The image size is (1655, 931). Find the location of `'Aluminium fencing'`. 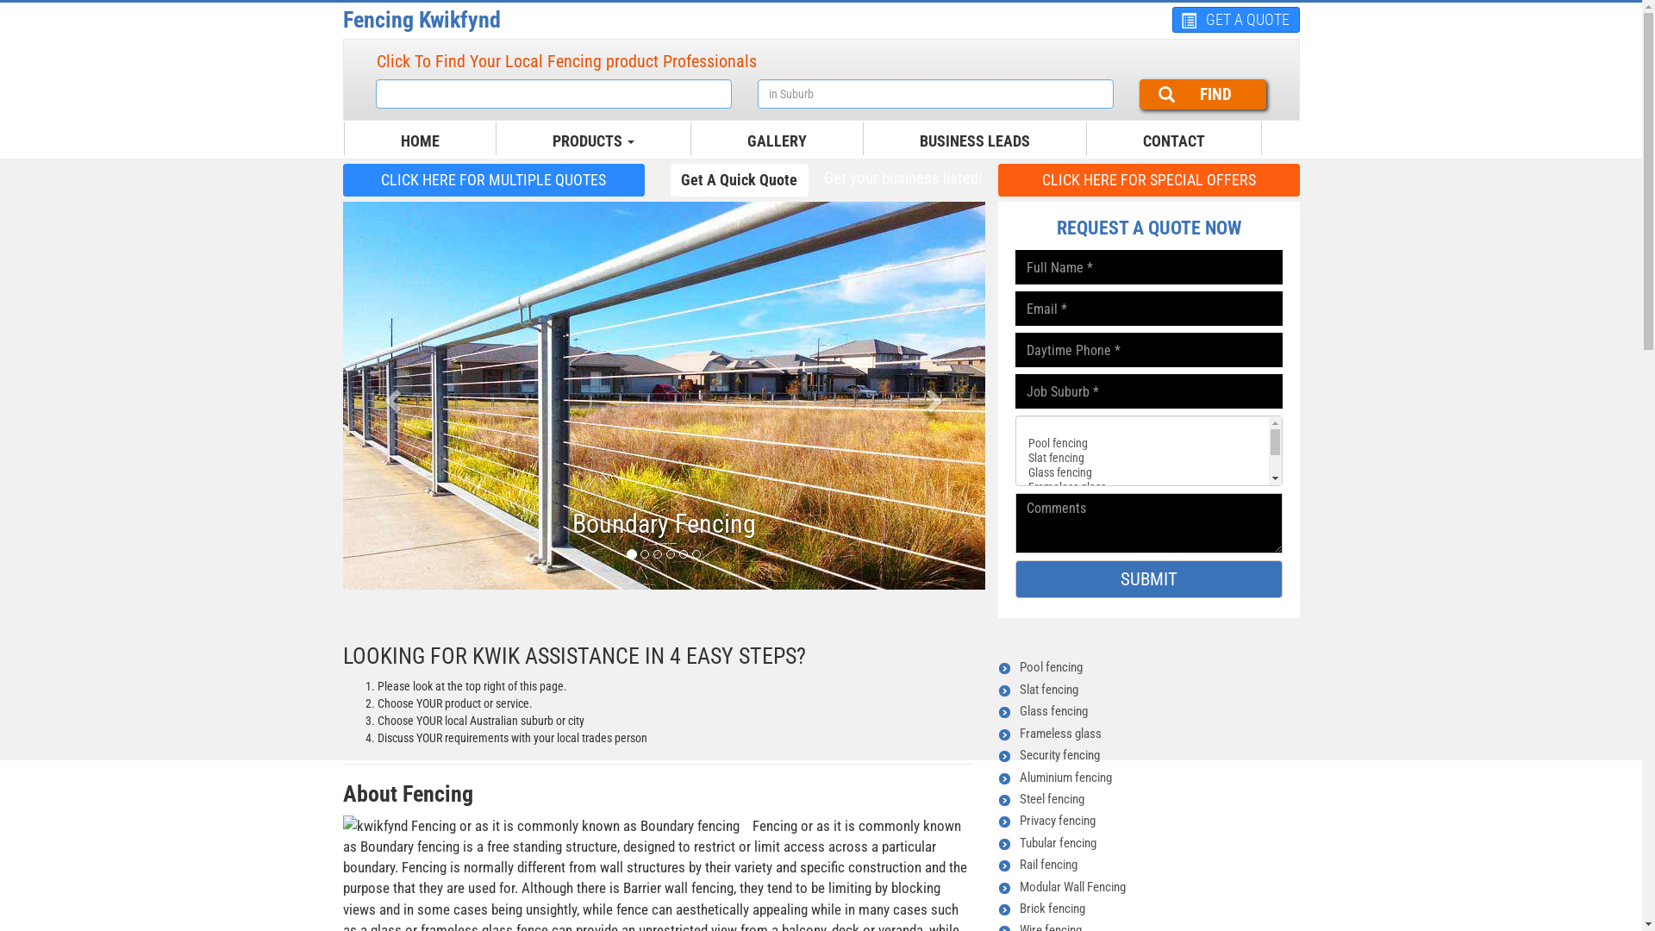

'Aluminium fencing' is located at coordinates (1064, 778).